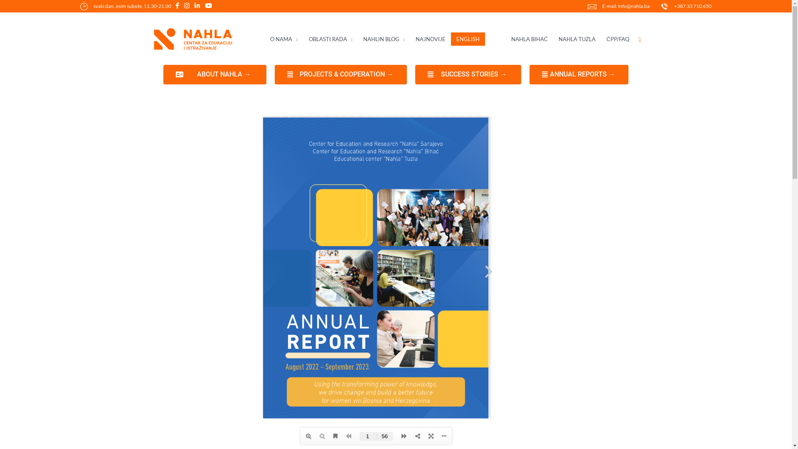  What do you see at coordinates (283, 39) in the screenshot?
I see `'O NAMA'` at bounding box center [283, 39].